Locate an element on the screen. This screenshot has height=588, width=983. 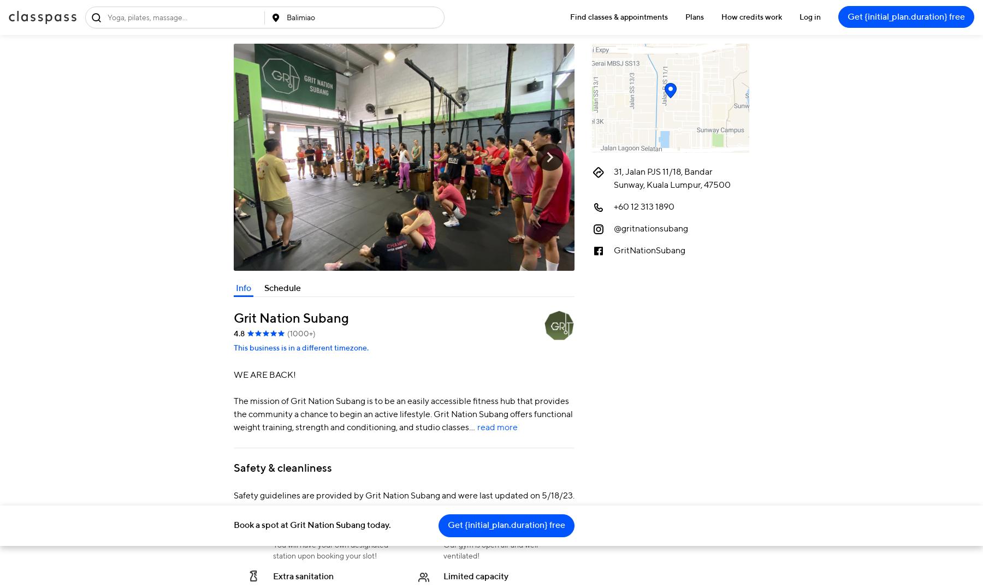
'This business is in a different timezone.' is located at coordinates (234, 348).